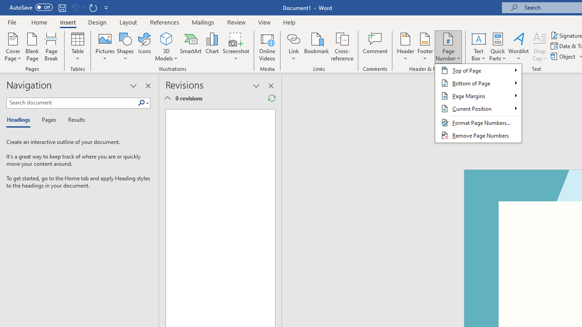 The image size is (582, 327). Describe the element at coordinates (267, 47) in the screenshot. I see `'Online Videos...'` at that location.